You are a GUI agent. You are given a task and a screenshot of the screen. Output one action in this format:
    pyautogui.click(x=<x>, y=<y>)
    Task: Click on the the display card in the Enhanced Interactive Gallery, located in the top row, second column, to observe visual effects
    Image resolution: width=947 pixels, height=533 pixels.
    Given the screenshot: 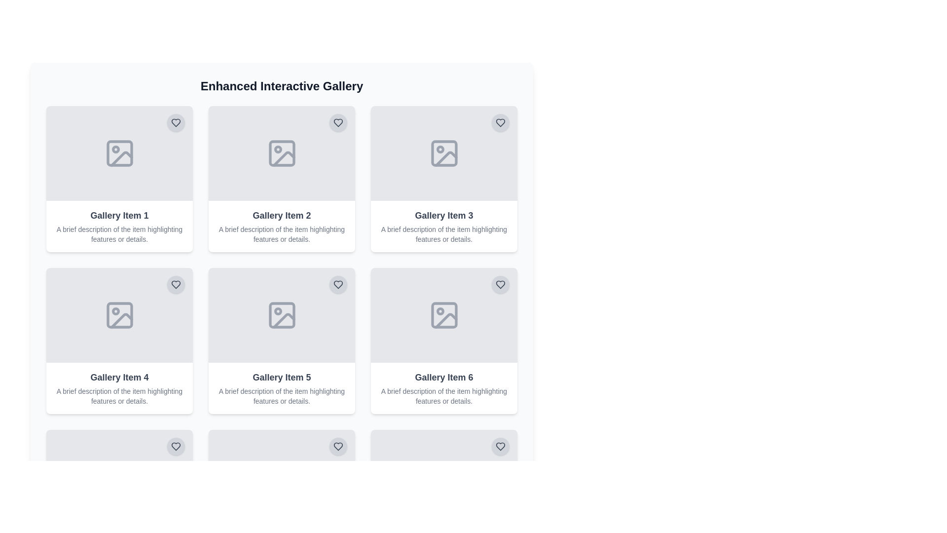 What is the action you would take?
    pyautogui.click(x=281, y=179)
    